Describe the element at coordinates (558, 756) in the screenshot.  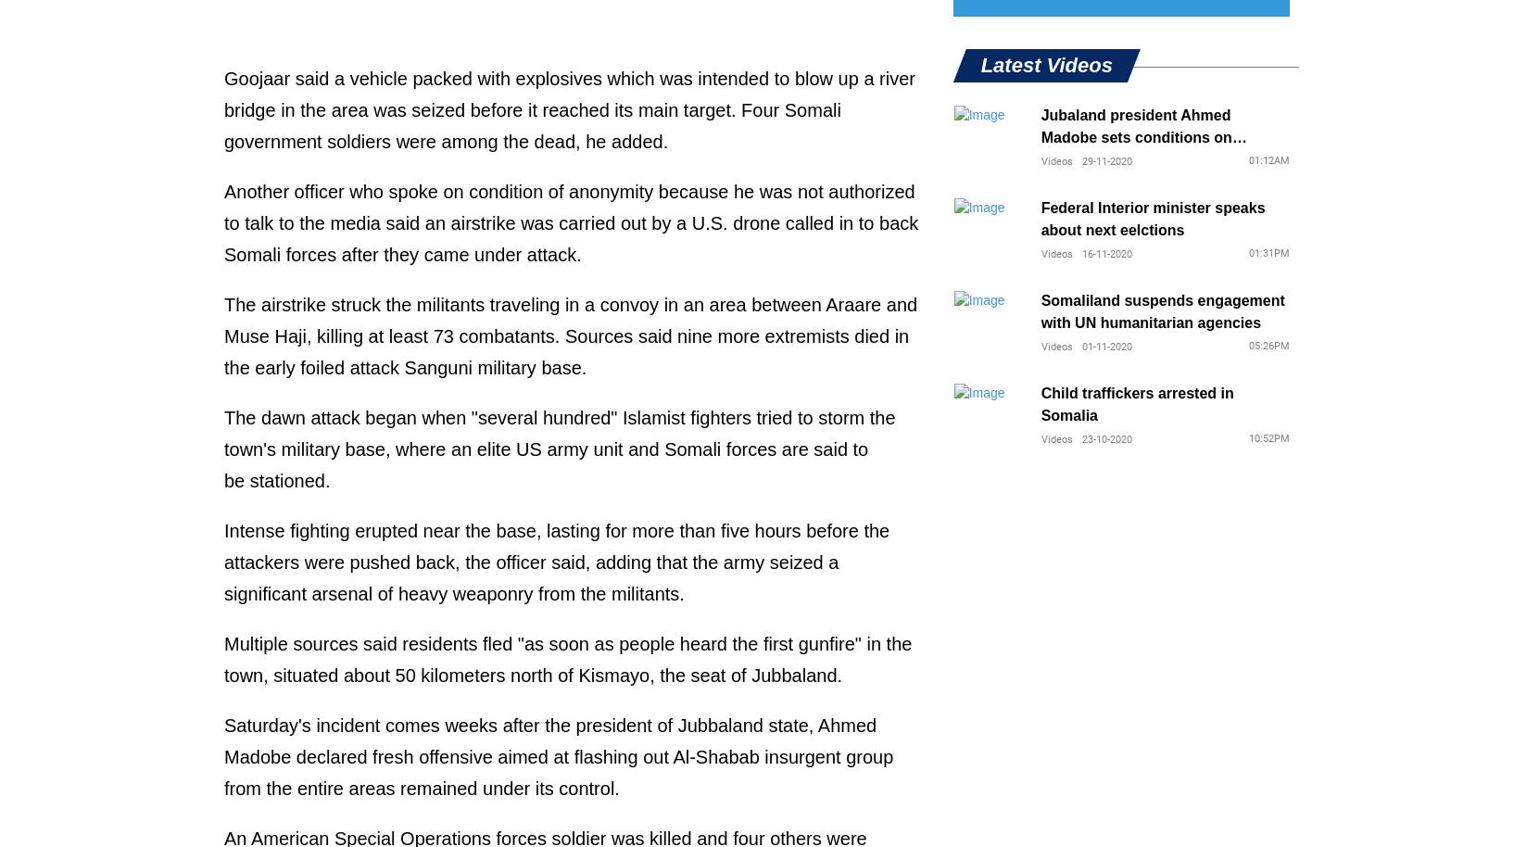
I see `'Saturday's incident comes weeks after the president of Jubbaland state, Ahmed Madobe declared fresh offensive aimed at flashing out Al-Shabab insurgent group from the entire areas remained under its control.'` at that location.